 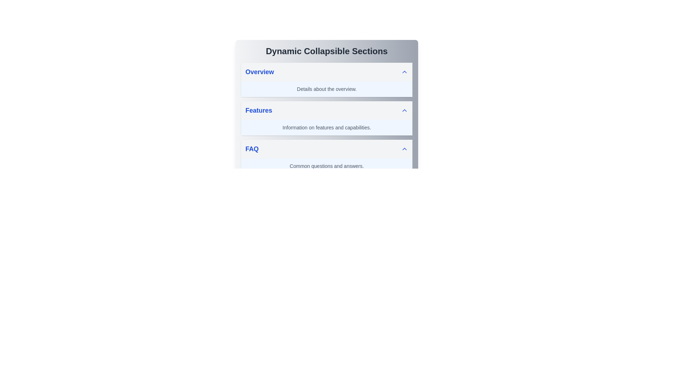 What do you see at coordinates (326, 89) in the screenshot?
I see `the informational text label located directly below the 'Overview' section header in the collapsible interface` at bounding box center [326, 89].